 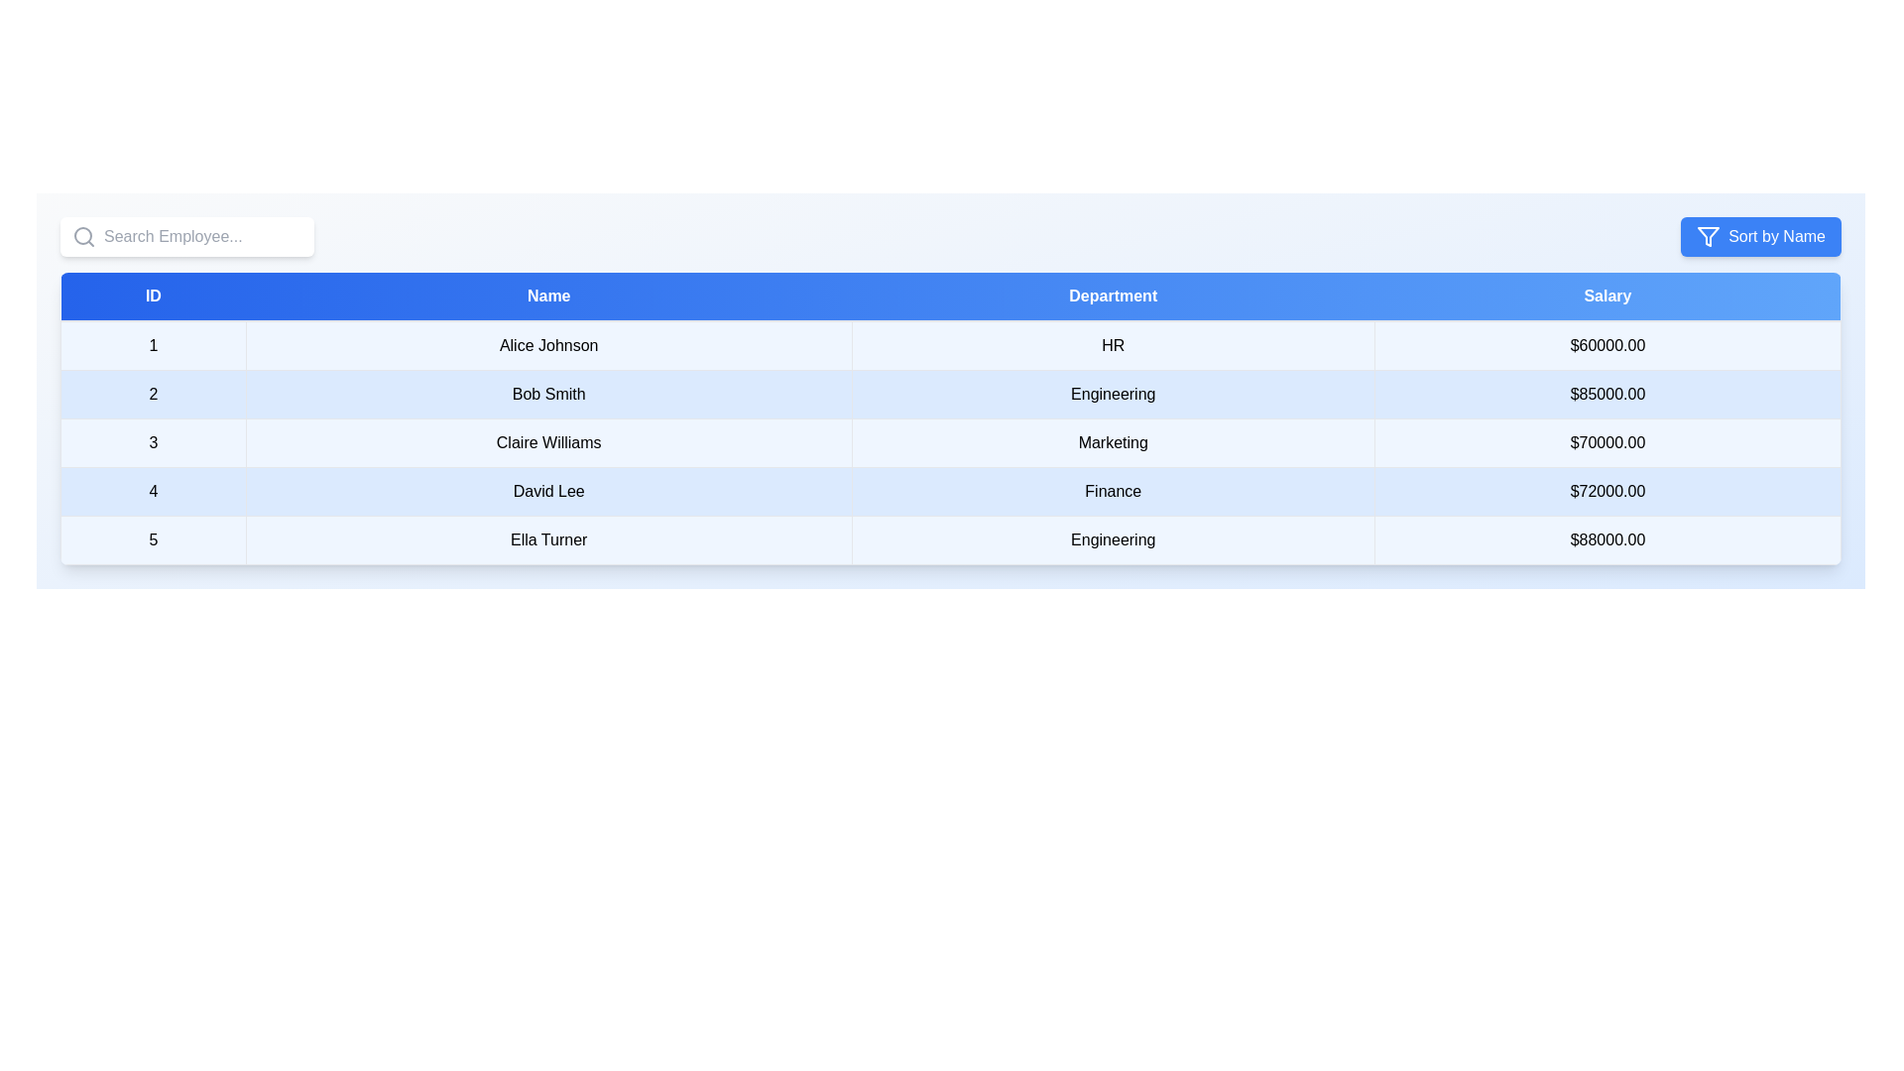 I want to click on the table cell containing the numeric value '1' located in the first row and first column of the table, so click(x=152, y=344).